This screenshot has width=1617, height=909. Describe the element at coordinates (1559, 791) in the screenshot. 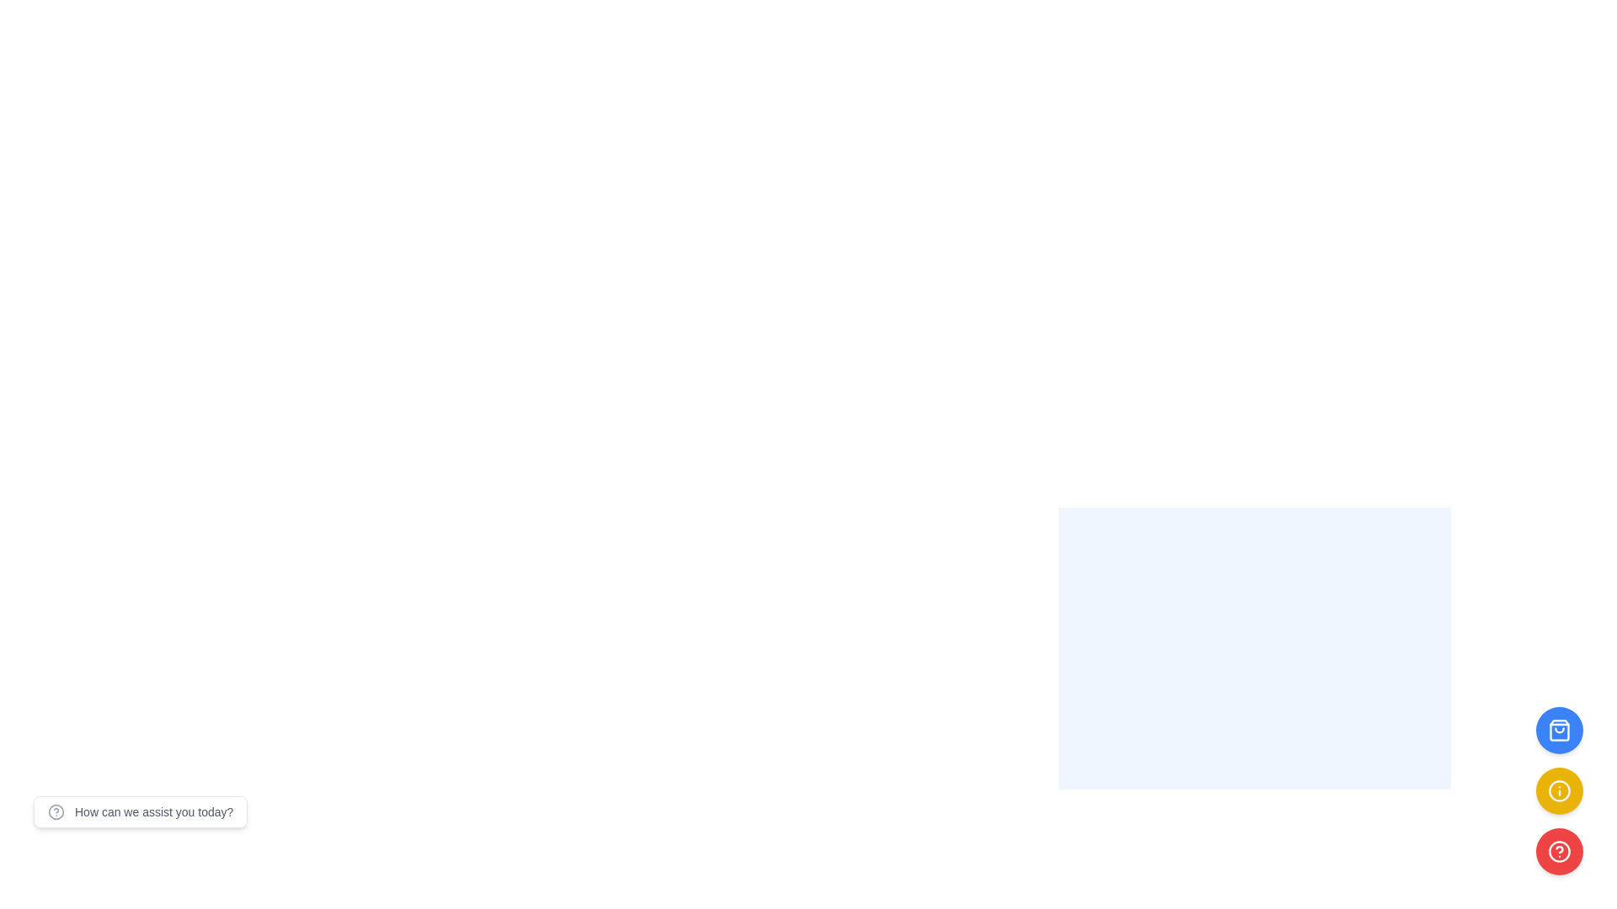

I see `the circular yellow button with a white border containing an information icon` at that location.